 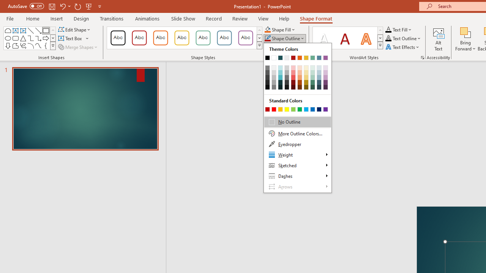 What do you see at coordinates (246, 38) in the screenshot?
I see `'Colored Outline - Purple, Accent 6'` at bounding box center [246, 38].